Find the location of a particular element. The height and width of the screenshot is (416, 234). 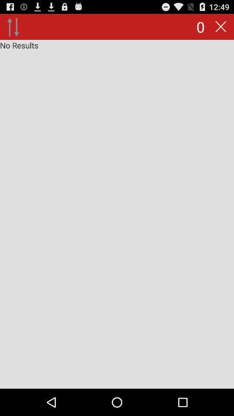

icon next to 0 icon is located at coordinates (13, 26).